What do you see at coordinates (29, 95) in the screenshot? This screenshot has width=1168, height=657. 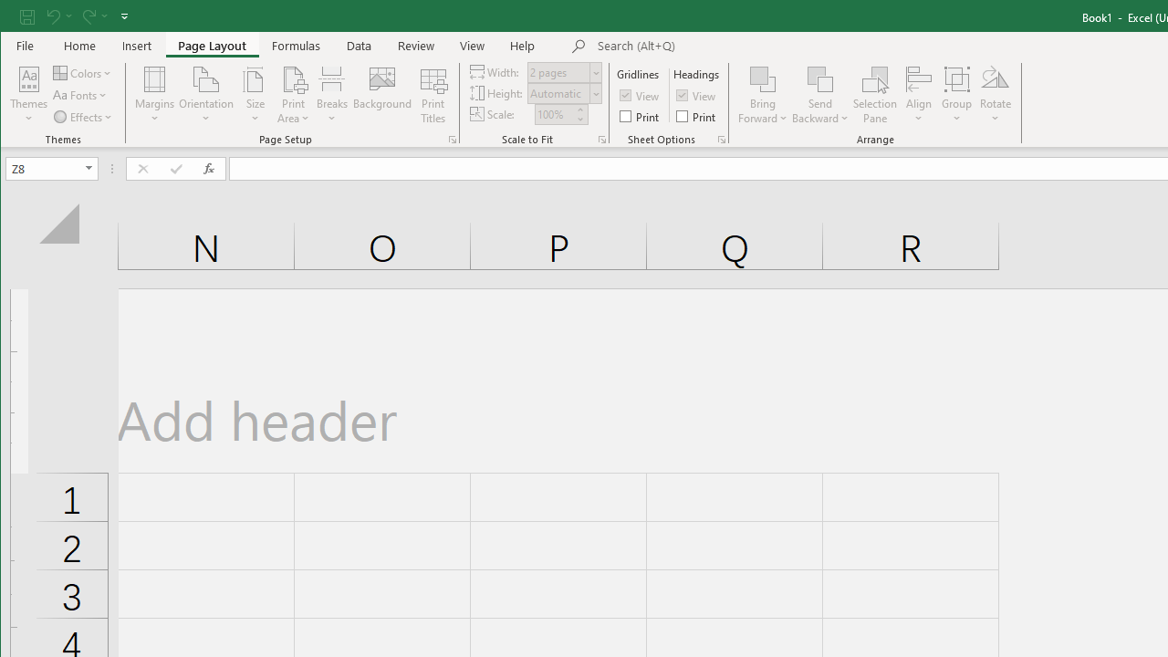 I see `'Themes'` at bounding box center [29, 95].